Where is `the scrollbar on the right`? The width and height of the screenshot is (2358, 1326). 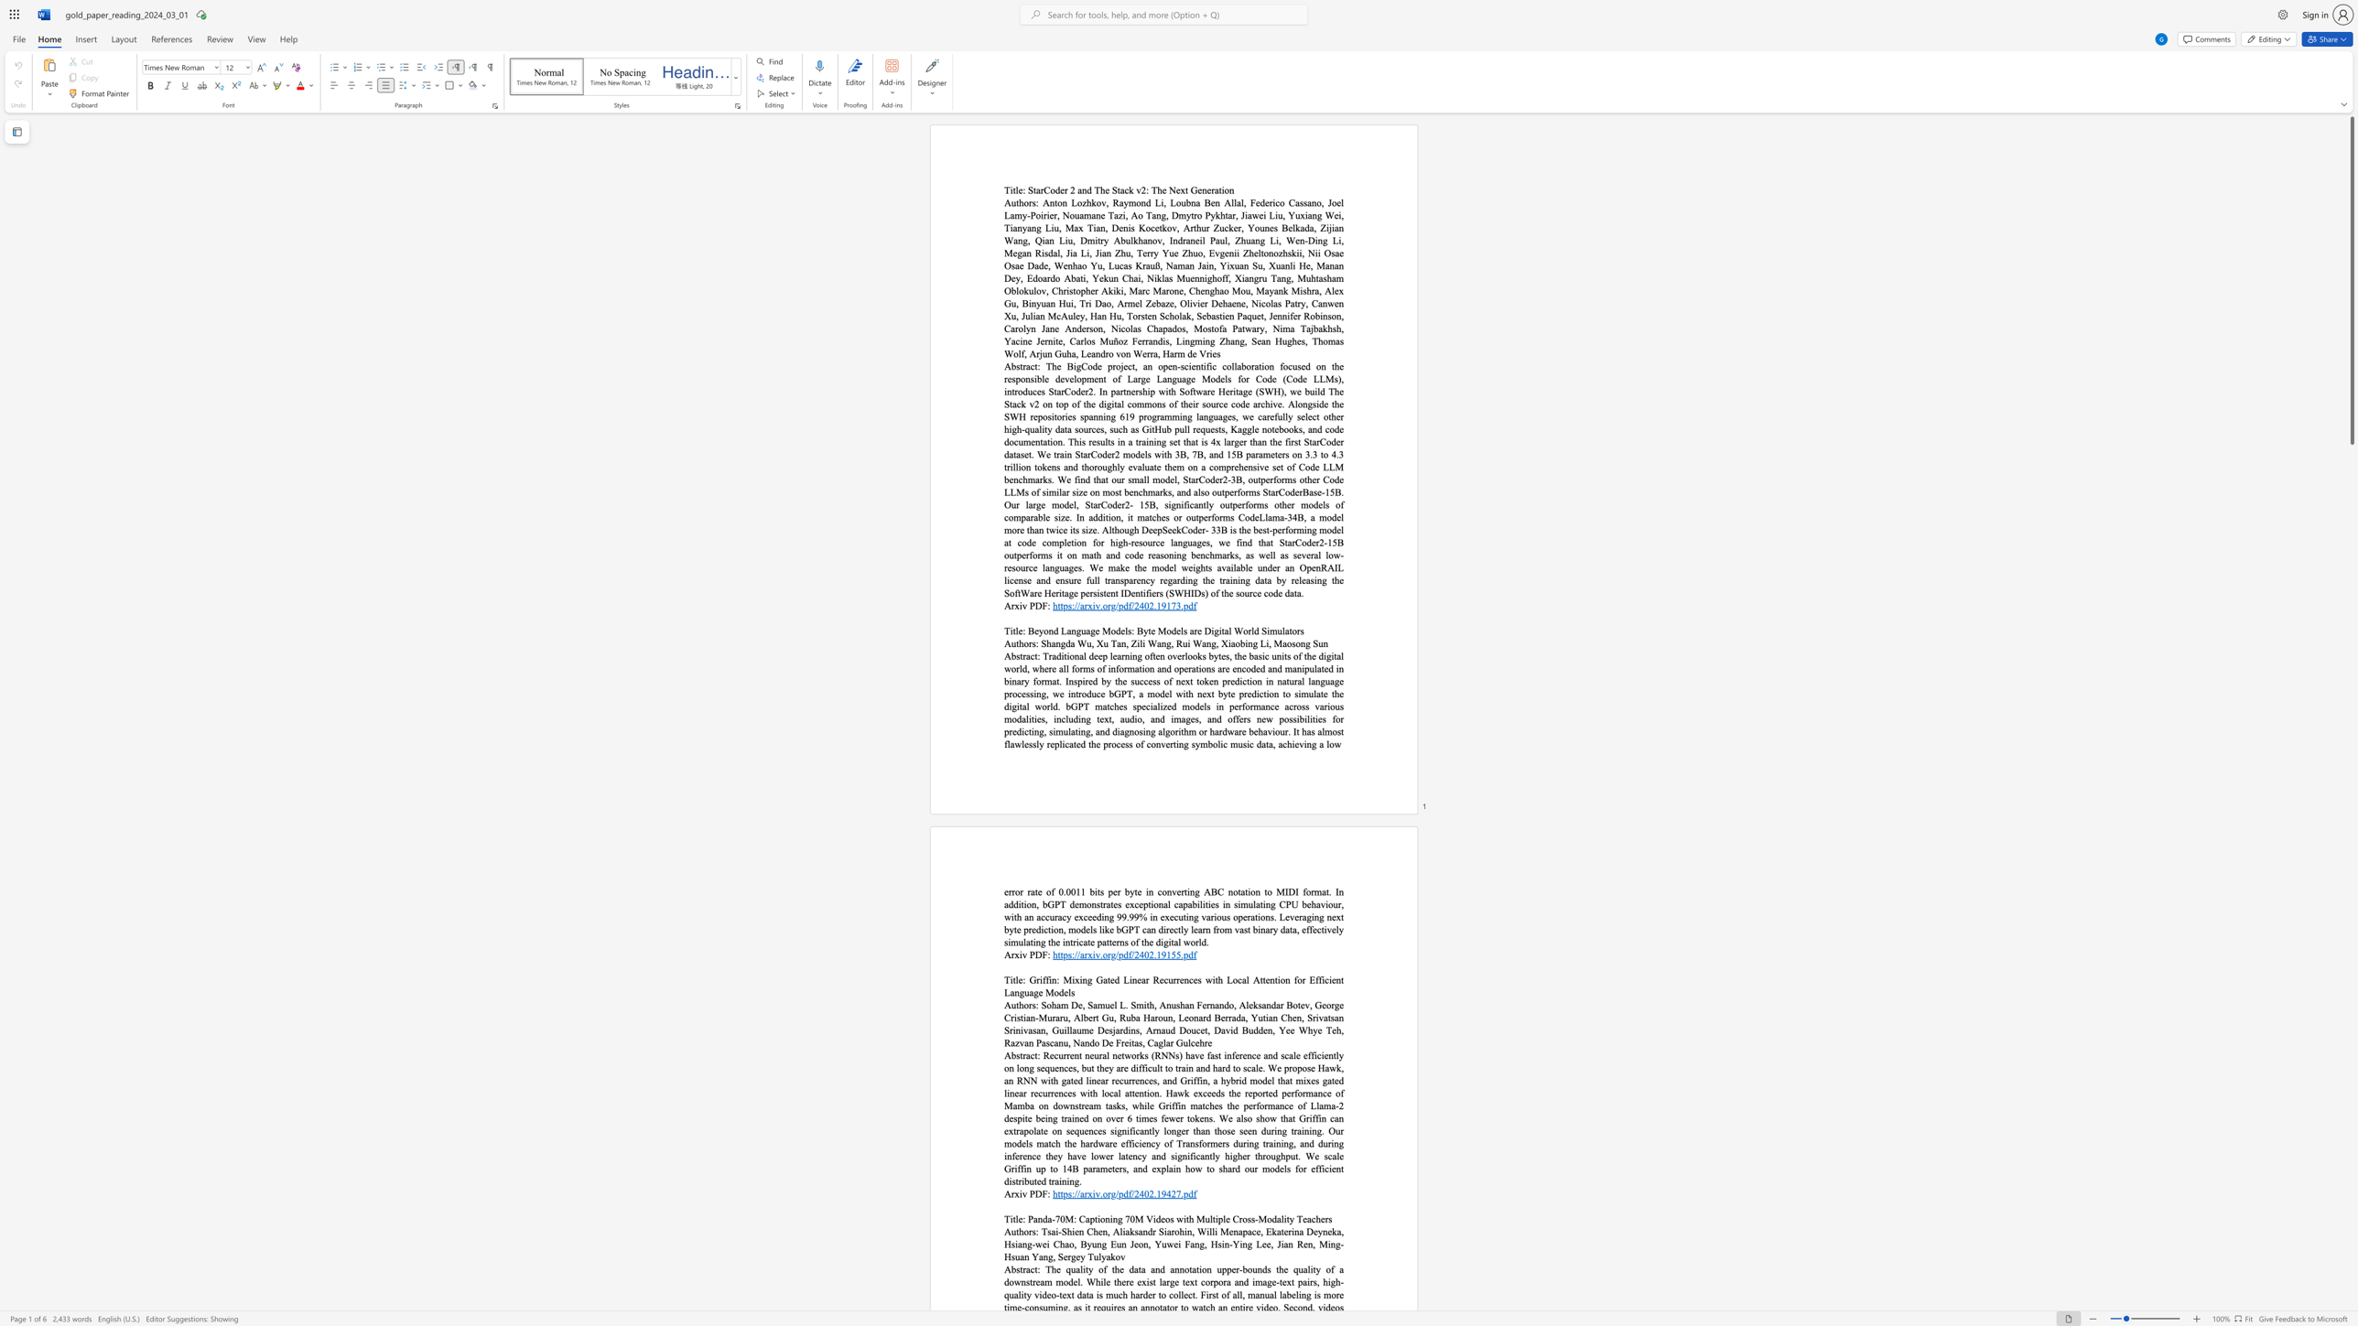
the scrollbar on the right is located at coordinates (2351, 840).